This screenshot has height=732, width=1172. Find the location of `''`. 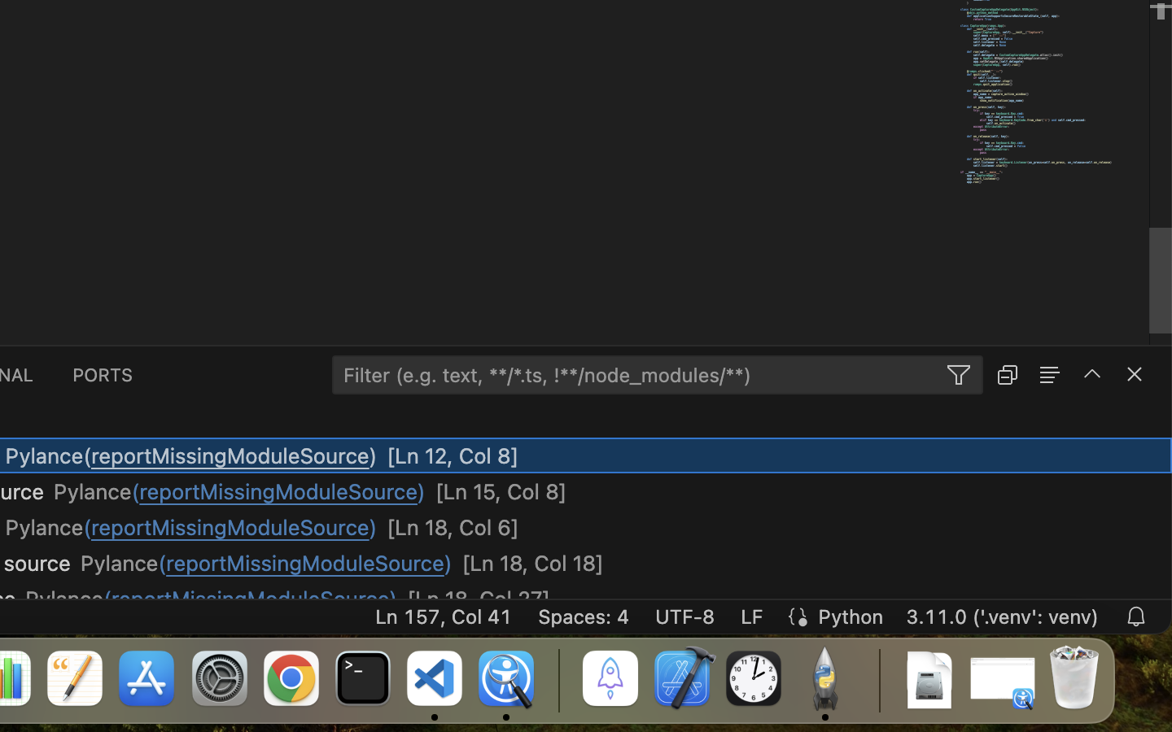

'' is located at coordinates (1135, 373).